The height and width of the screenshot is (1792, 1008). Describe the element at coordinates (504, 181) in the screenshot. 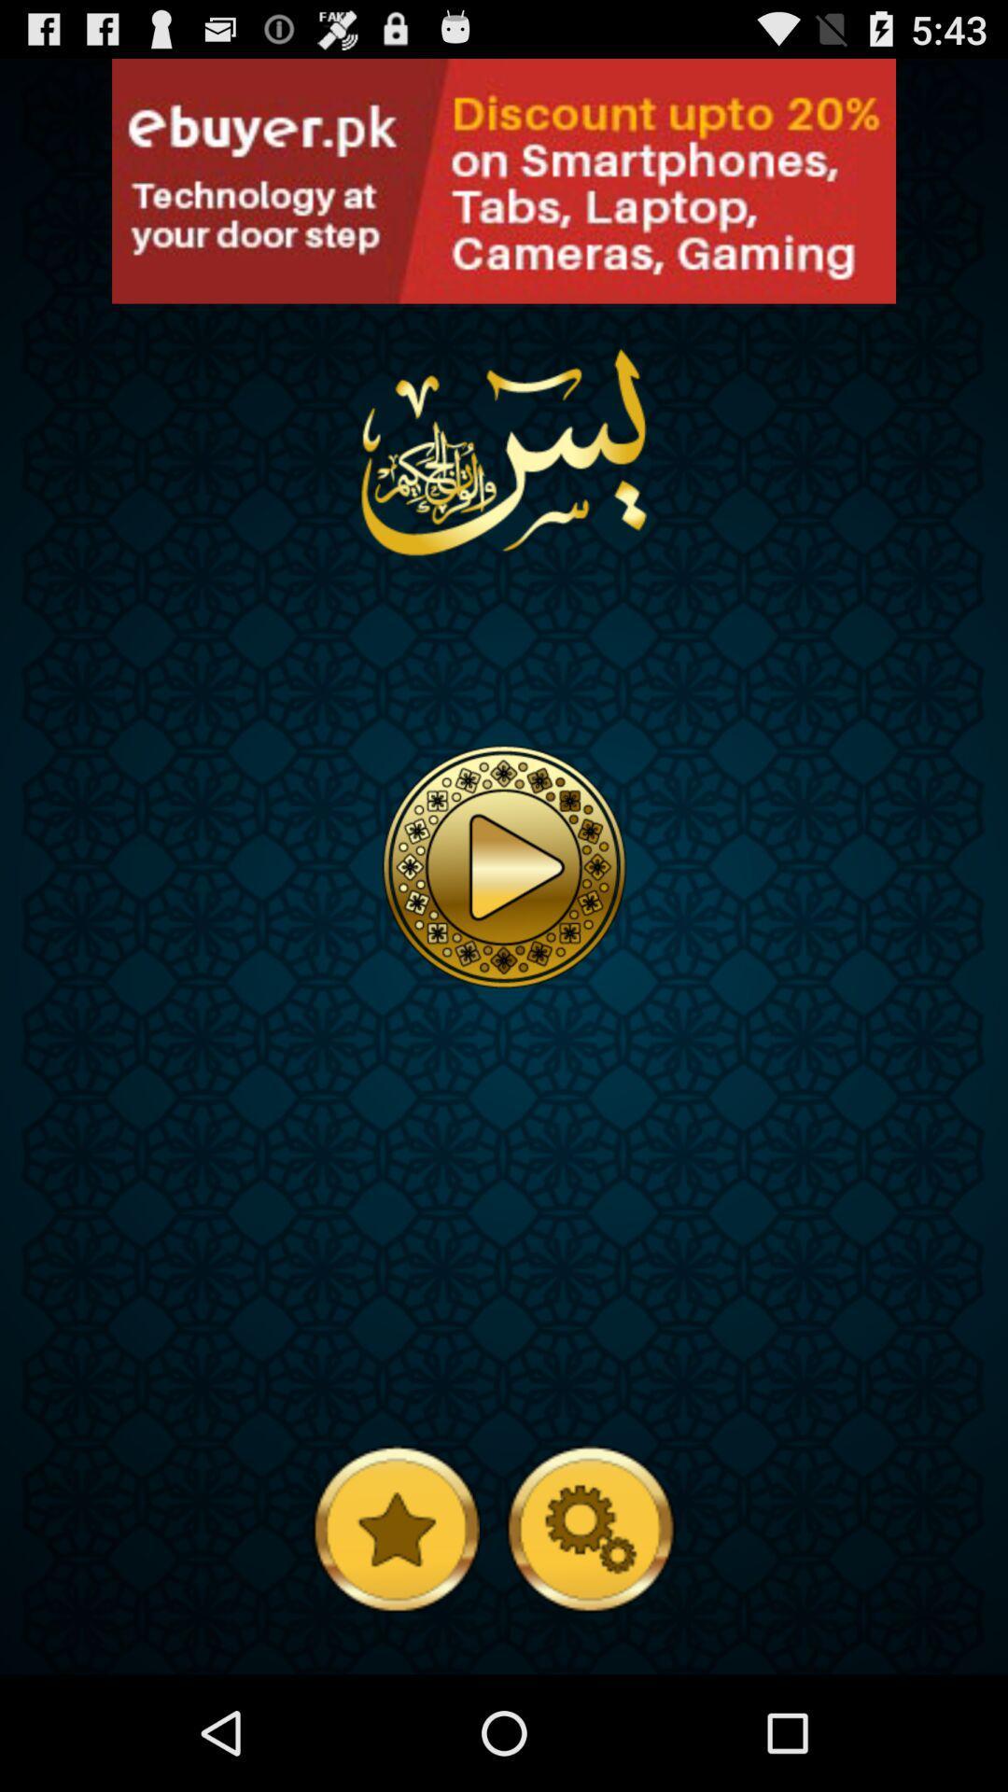

I see `option` at that location.